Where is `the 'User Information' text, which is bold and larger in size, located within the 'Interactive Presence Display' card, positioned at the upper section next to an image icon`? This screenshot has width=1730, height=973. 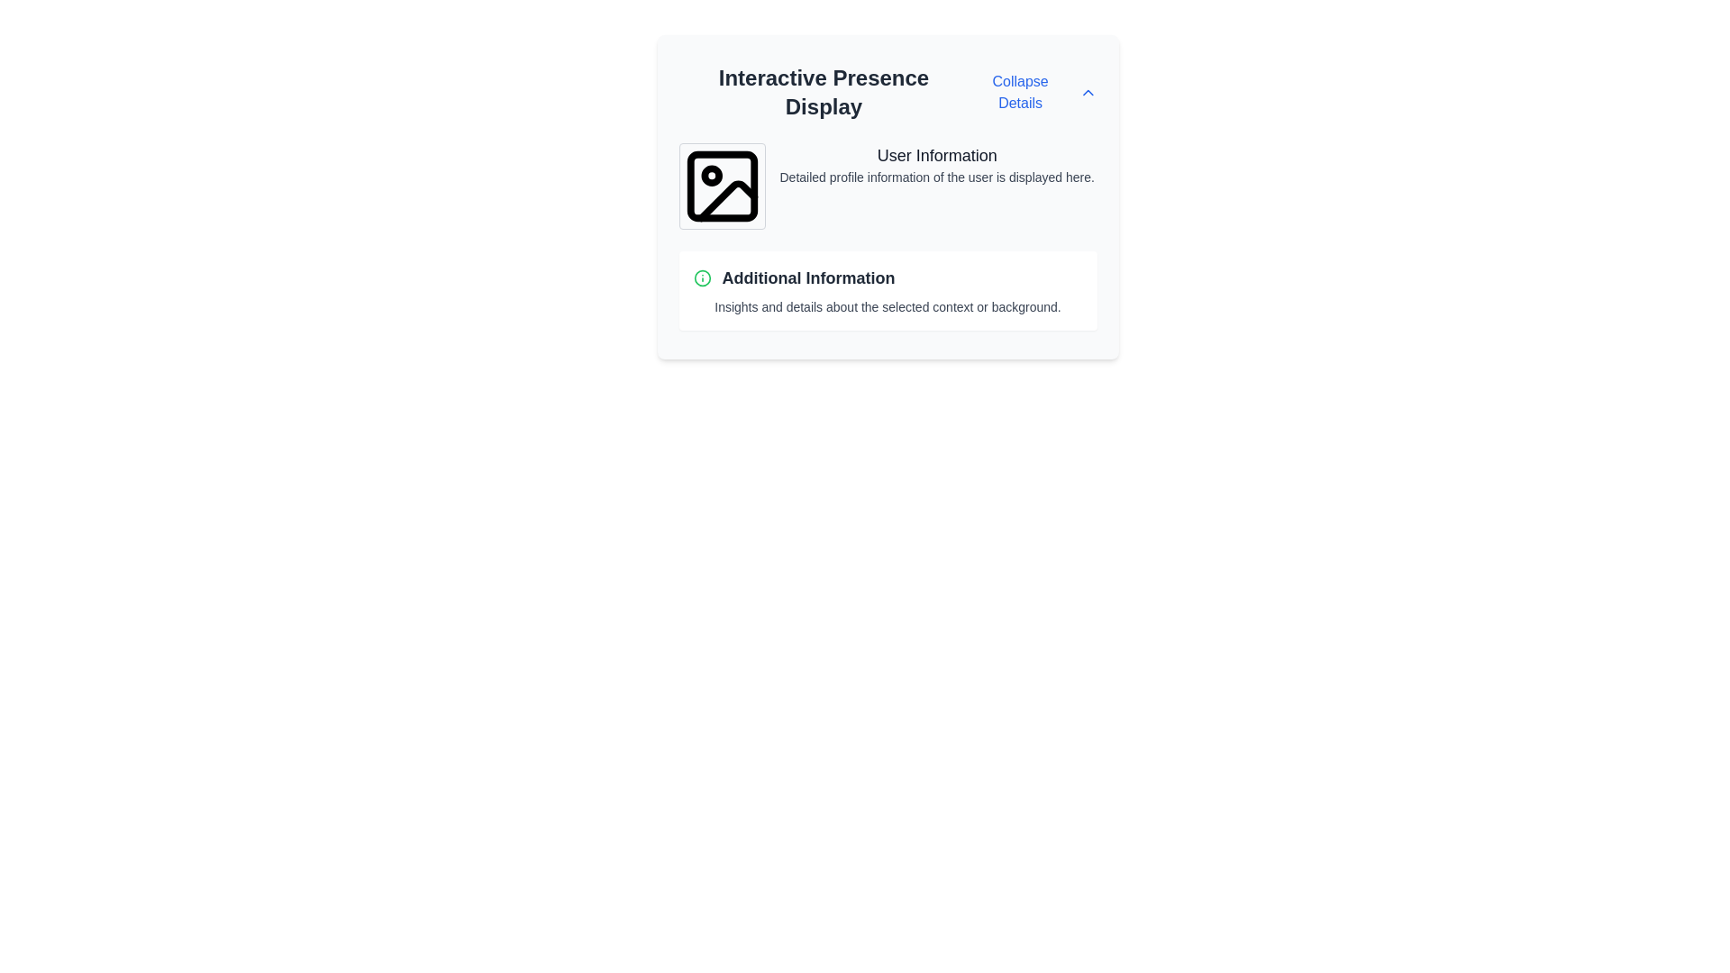
the 'User Information' text, which is bold and larger in size, located within the 'Interactive Presence Display' card, positioned at the upper section next to an image icon is located at coordinates (937, 155).